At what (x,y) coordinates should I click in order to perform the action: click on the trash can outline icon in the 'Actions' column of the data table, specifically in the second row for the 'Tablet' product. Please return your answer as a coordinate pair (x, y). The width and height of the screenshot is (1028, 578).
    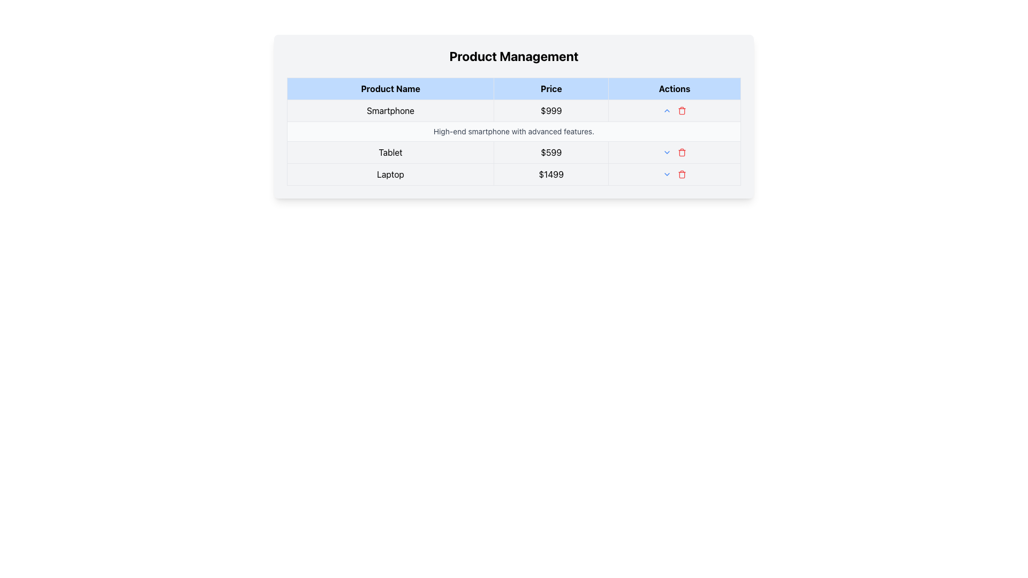
    Looking at the image, I should click on (682, 153).